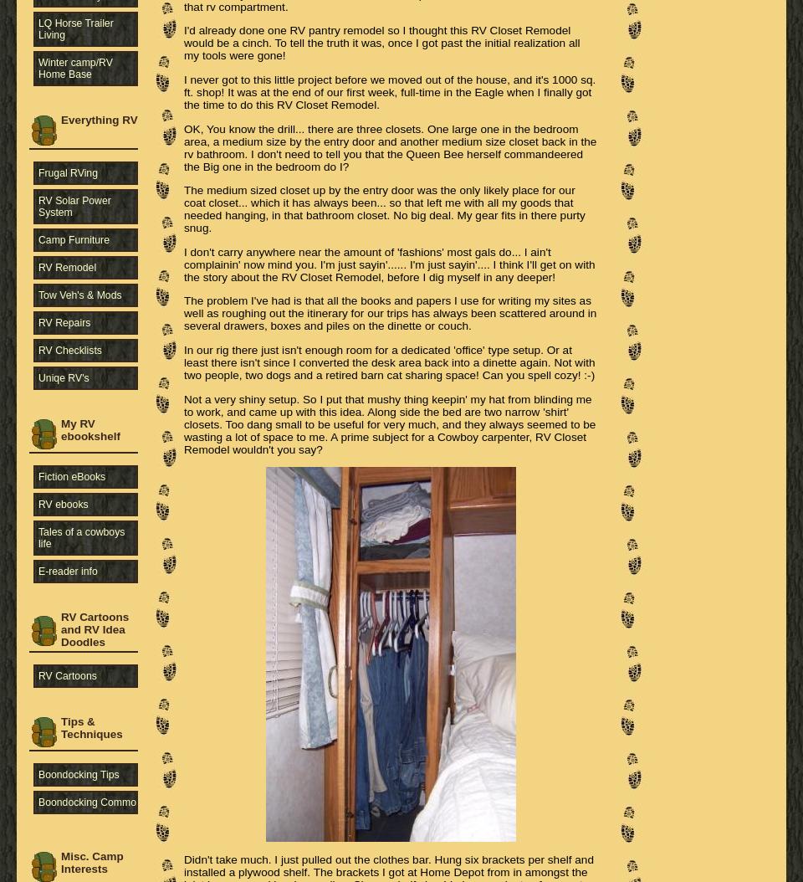  I want to click on 'Misc. Camp Interests', so click(92, 860).